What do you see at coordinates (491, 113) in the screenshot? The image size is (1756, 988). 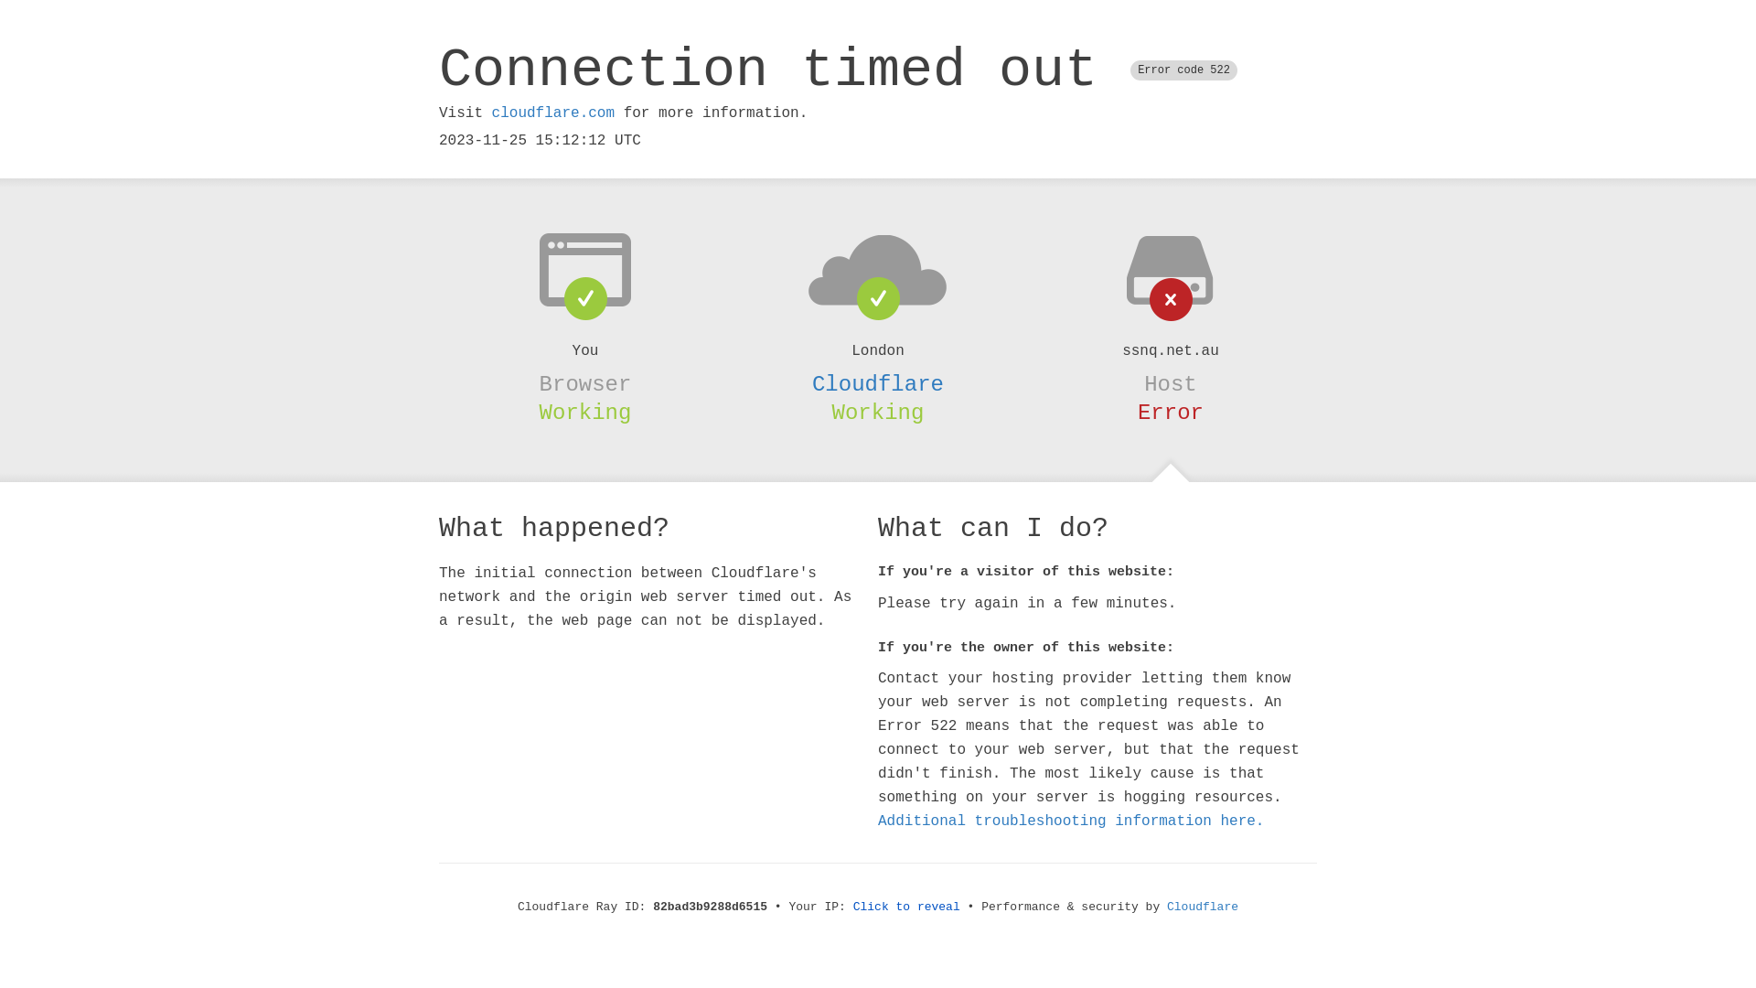 I see `'cloudflare.com'` at bounding box center [491, 113].